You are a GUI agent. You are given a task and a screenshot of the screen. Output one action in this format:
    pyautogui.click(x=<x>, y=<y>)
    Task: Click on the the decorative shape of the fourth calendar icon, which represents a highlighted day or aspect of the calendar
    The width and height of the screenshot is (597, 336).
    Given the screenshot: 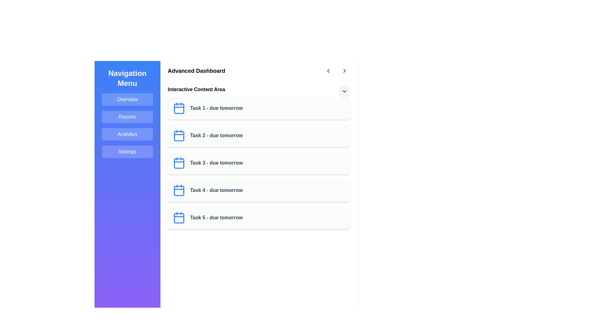 What is the action you would take?
    pyautogui.click(x=178, y=190)
    